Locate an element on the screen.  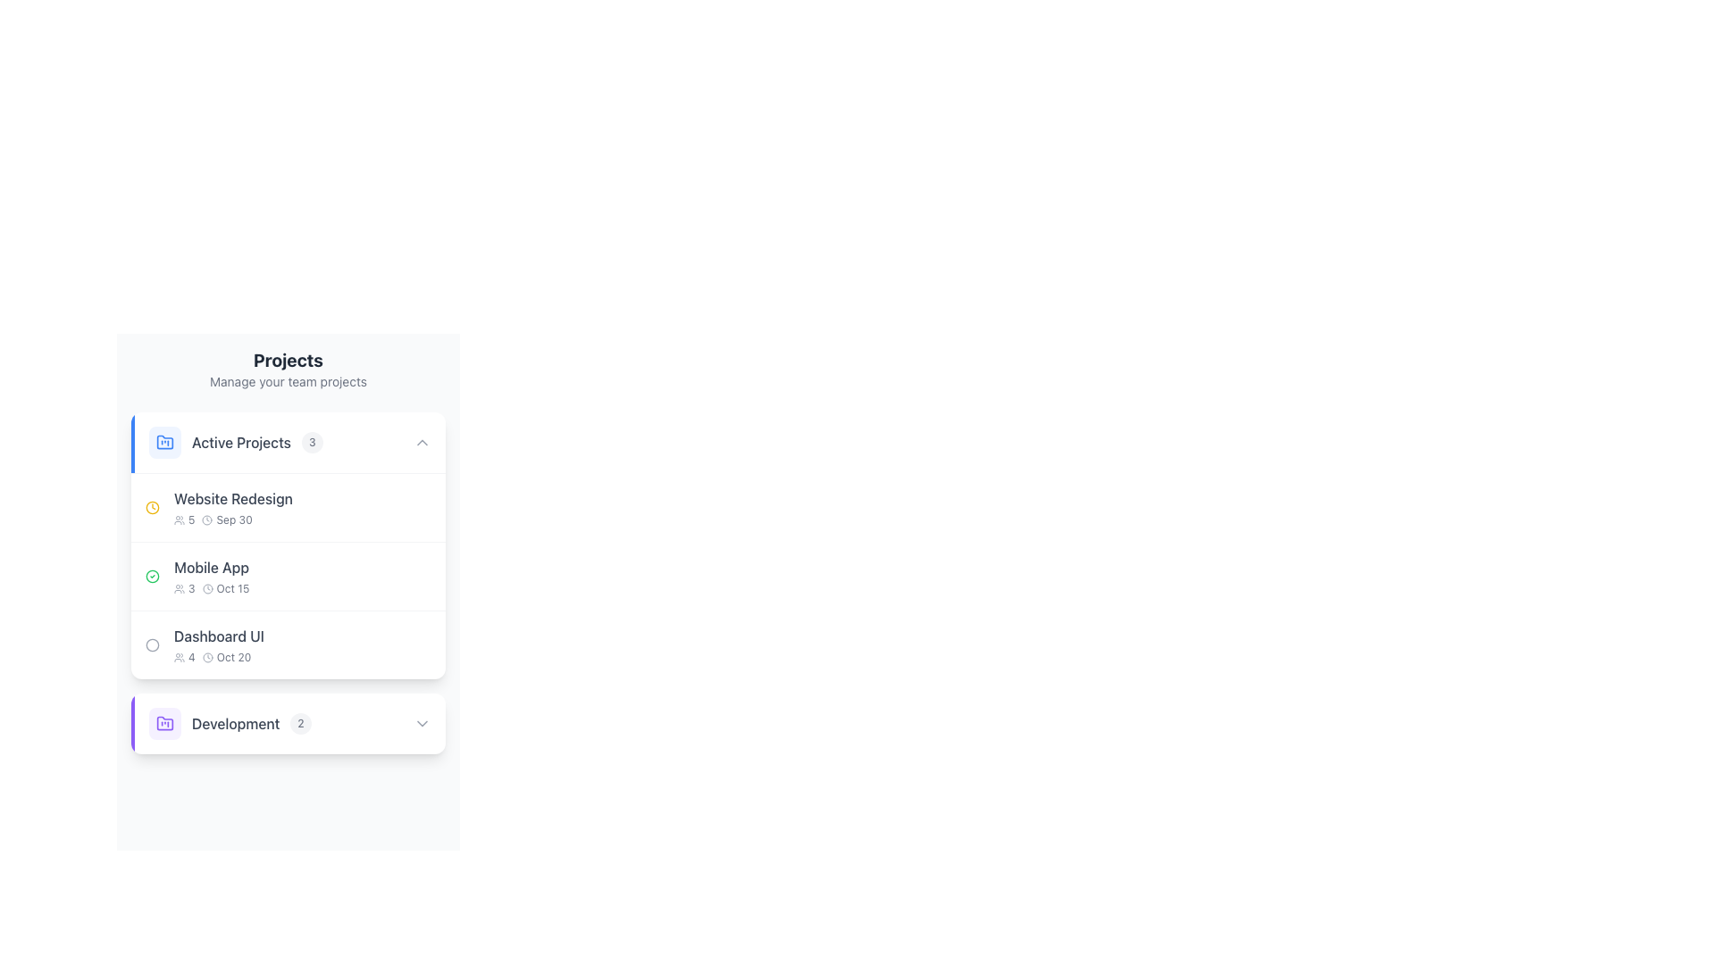
the downward-pointing chevron icon located at the far right of the 'Active Projects' section is located at coordinates (422, 442).